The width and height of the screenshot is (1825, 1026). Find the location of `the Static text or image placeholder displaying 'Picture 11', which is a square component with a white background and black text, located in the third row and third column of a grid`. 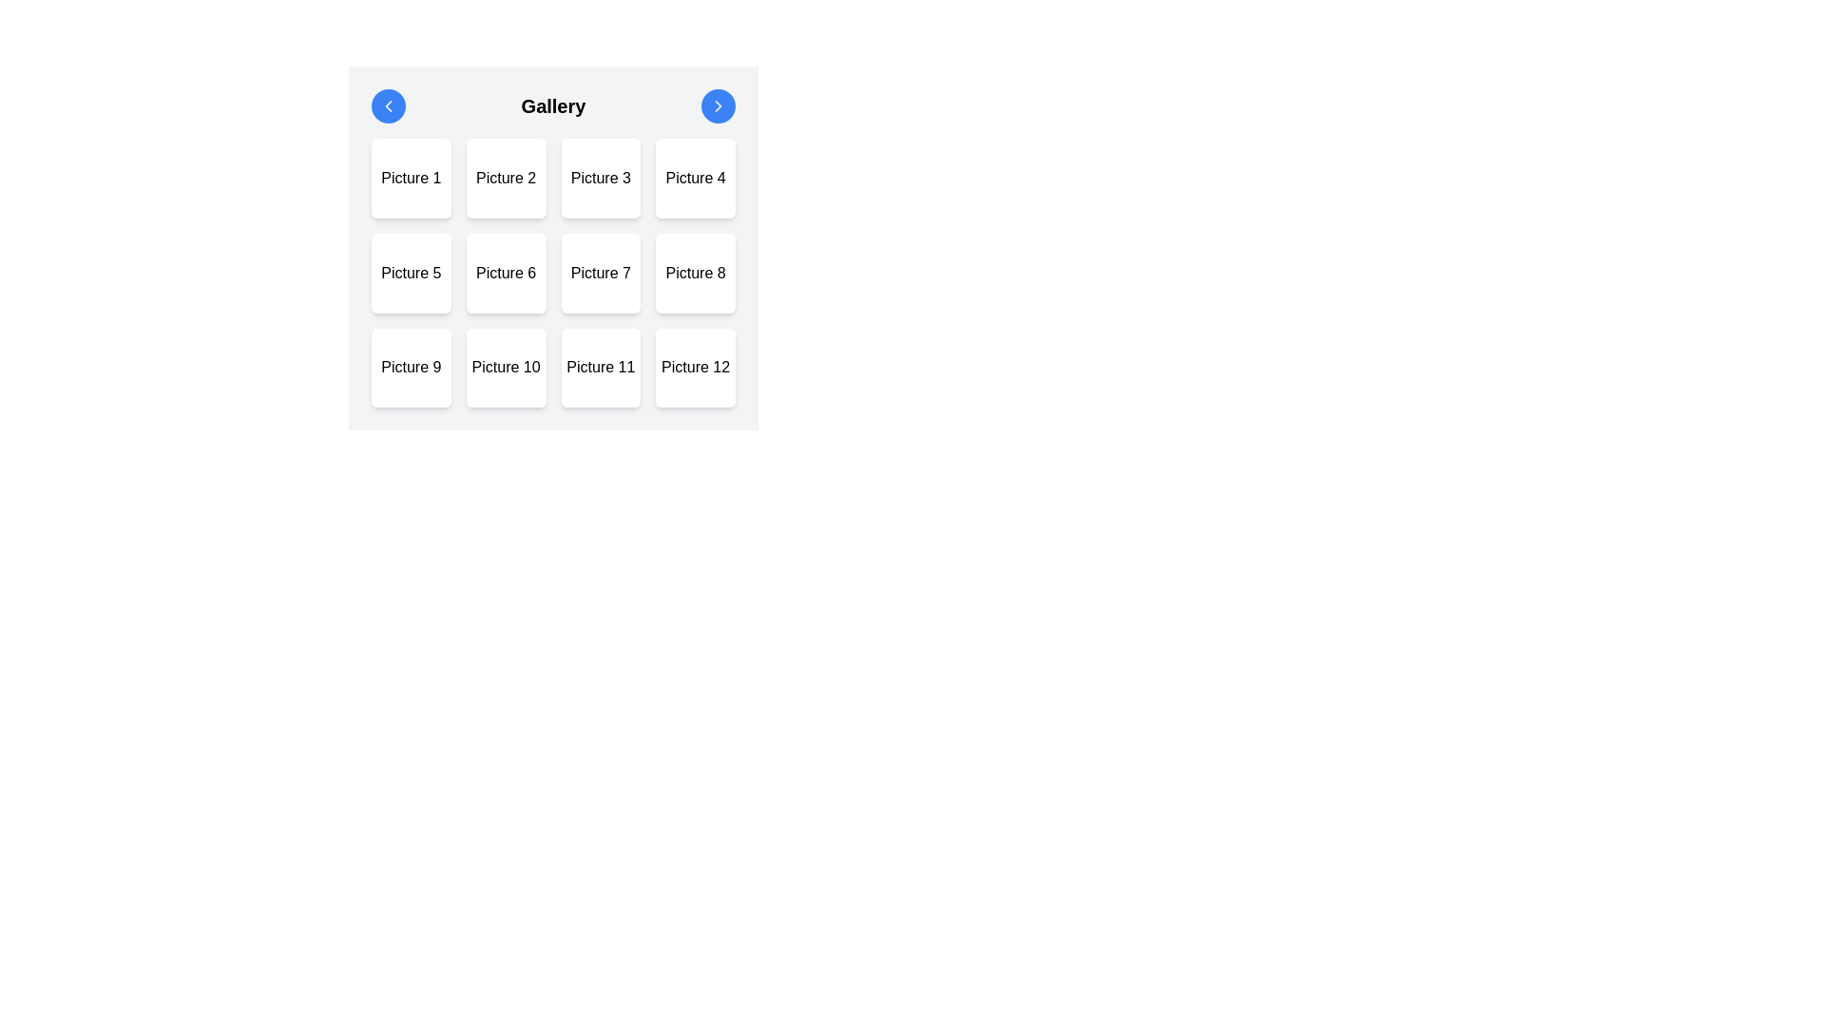

the Static text or image placeholder displaying 'Picture 11', which is a square component with a white background and black text, located in the third row and third column of a grid is located at coordinates (600, 368).